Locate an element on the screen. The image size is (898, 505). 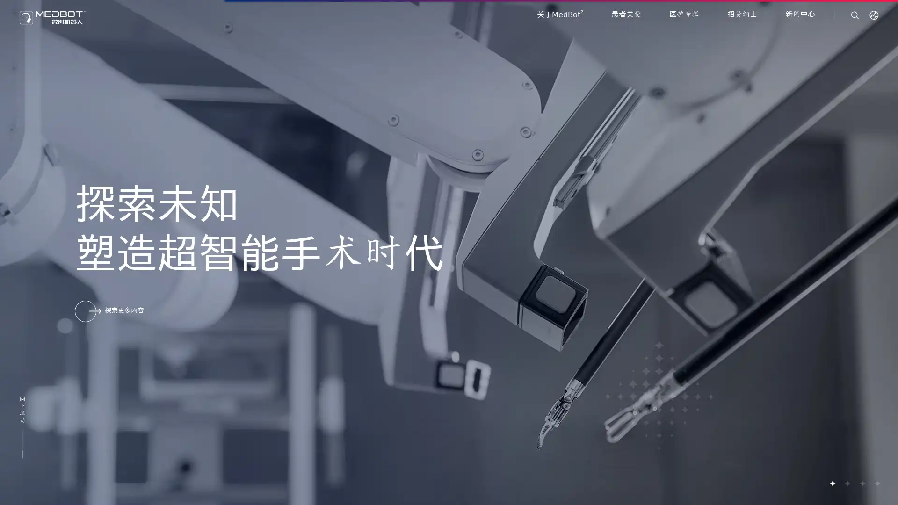
Go to slide 2 is located at coordinates (847, 483).